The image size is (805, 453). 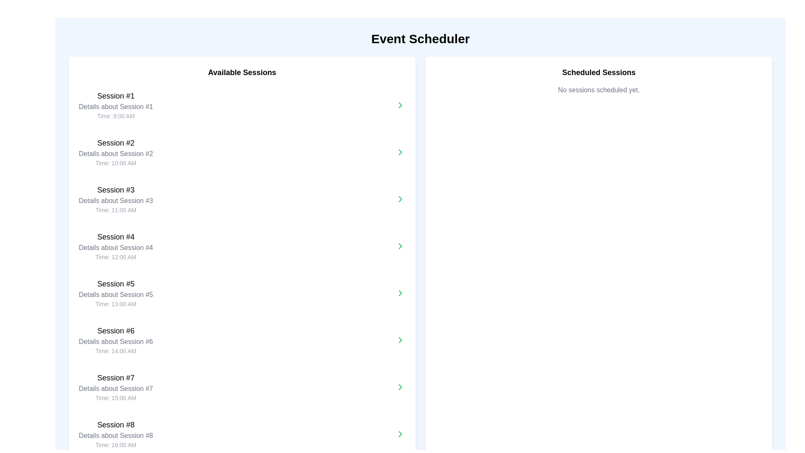 I want to click on the Chevron icon associated with 'Session #5' in the 'Available Sessions' list on the left panel, so click(x=400, y=292).